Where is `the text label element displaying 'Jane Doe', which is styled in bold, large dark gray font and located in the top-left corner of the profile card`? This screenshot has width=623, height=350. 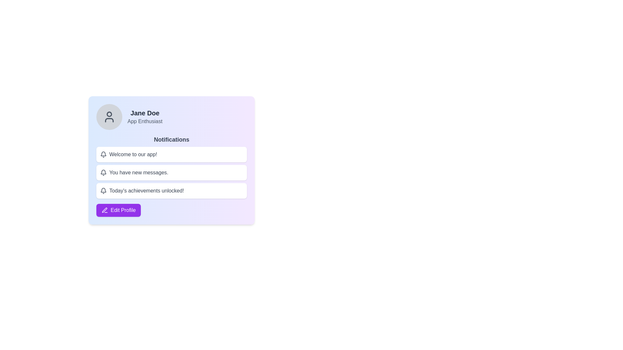
the text label element displaying 'Jane Doe', which is styled in bold, large dark gray font and located in the top-left corner of the profile card is located at coordinates (144, 112).